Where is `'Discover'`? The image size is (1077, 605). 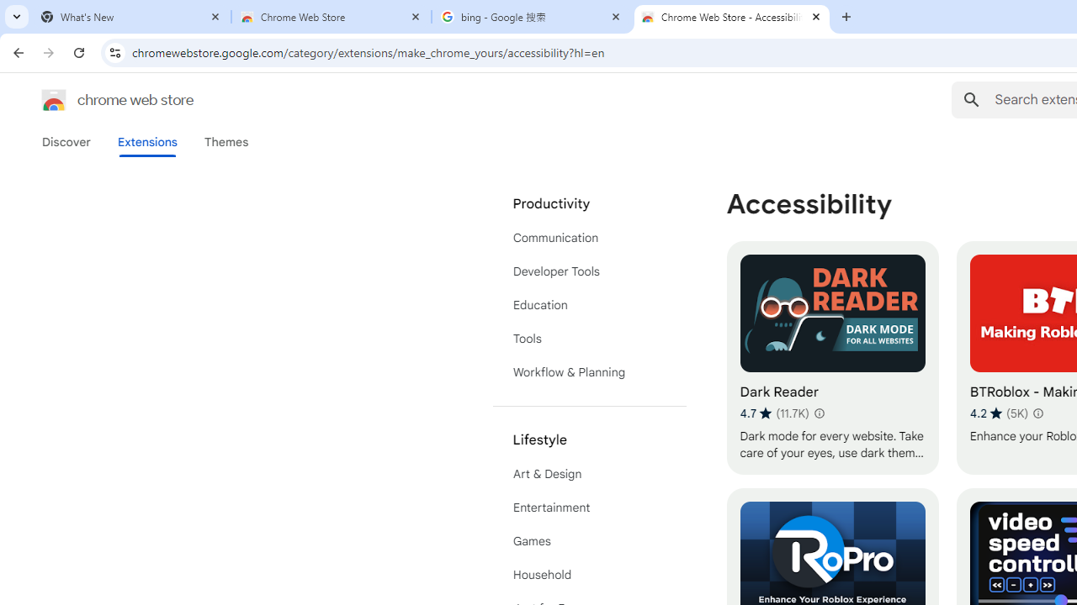 'Discover' is located at coordinates (66, 141).